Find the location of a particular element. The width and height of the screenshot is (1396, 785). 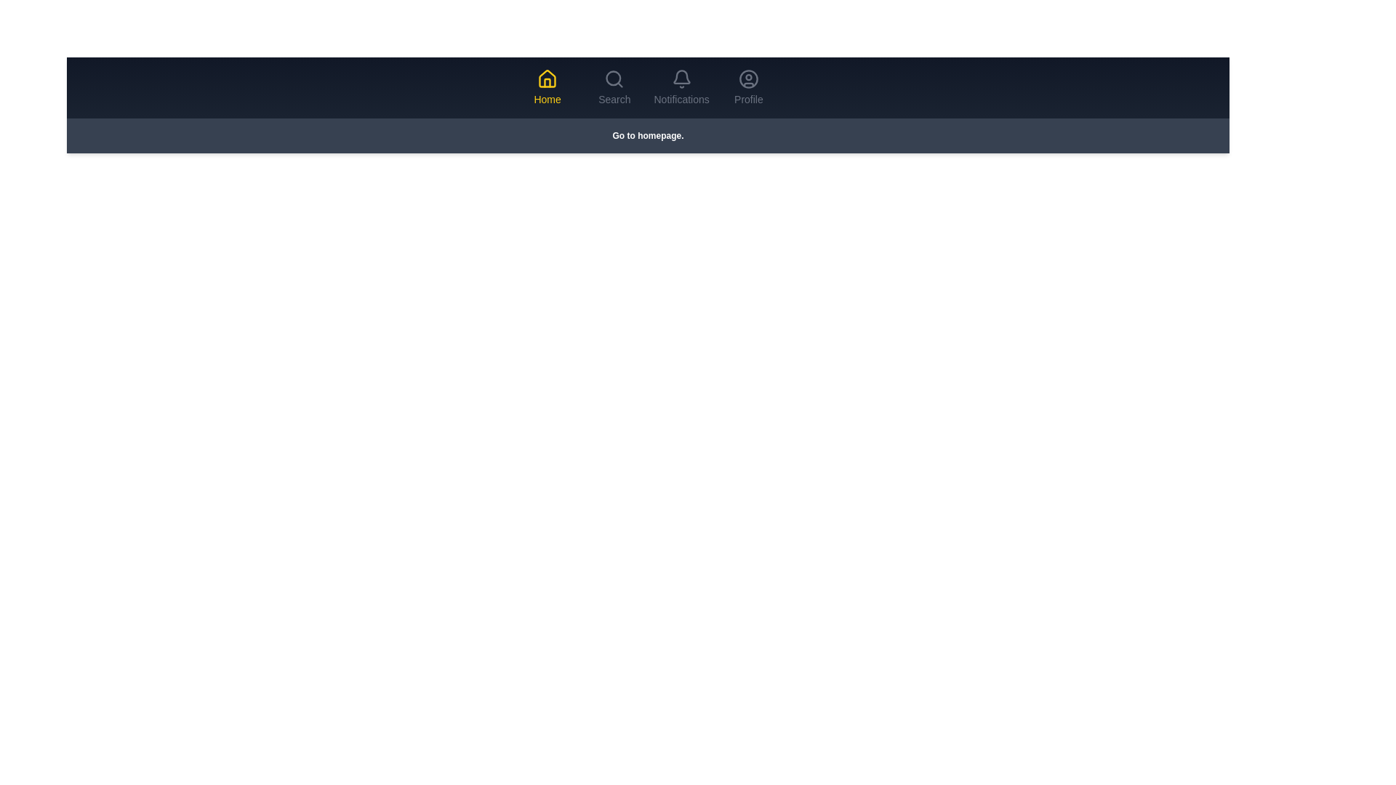

the Profile tab to view its content is located at coordinates (748, 87).